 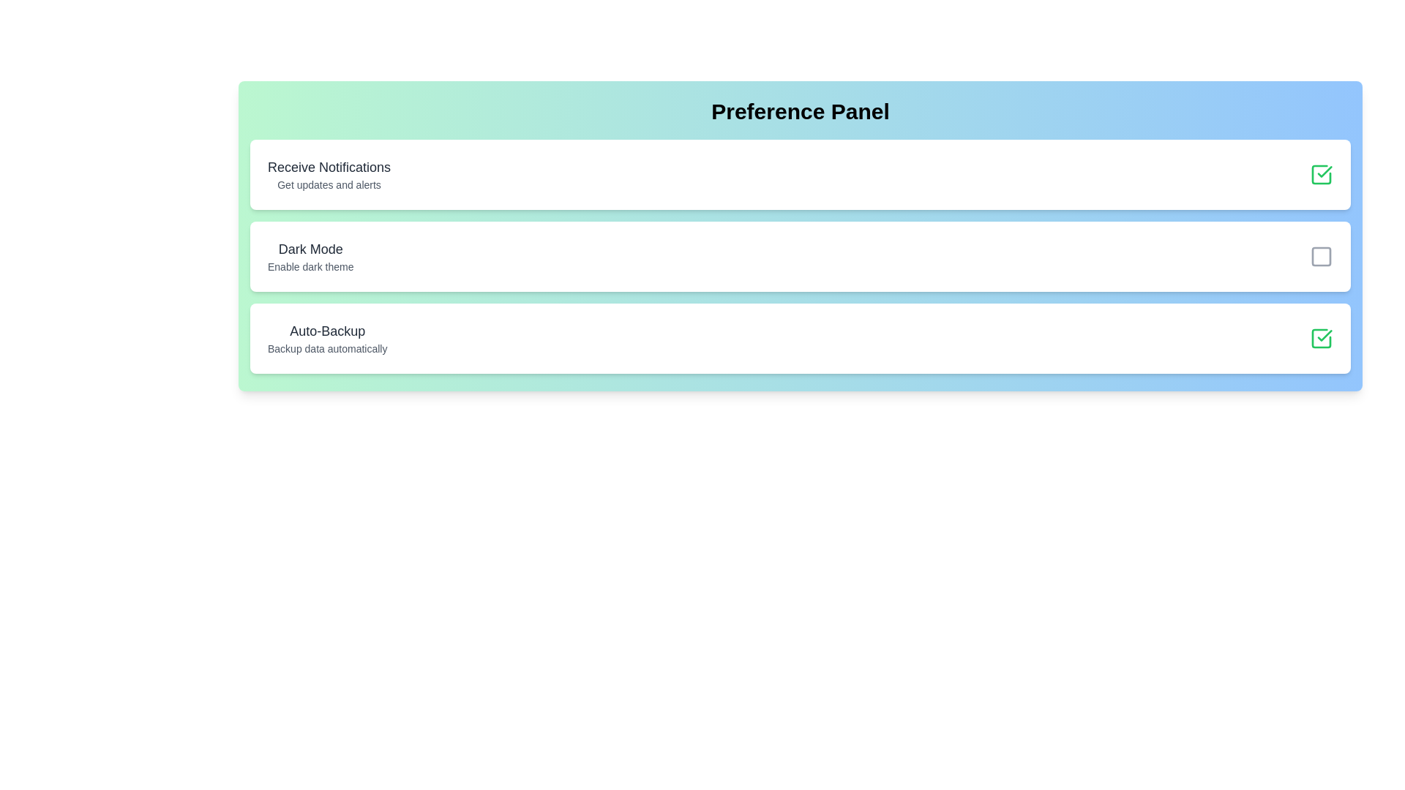 What do you see at coordinates (1325, 171) in the screenshot?
I see `the checkmark icon within the square boundary located in the top right section of the 'Receive Notifications' area` at bounding box center [1325, 171].